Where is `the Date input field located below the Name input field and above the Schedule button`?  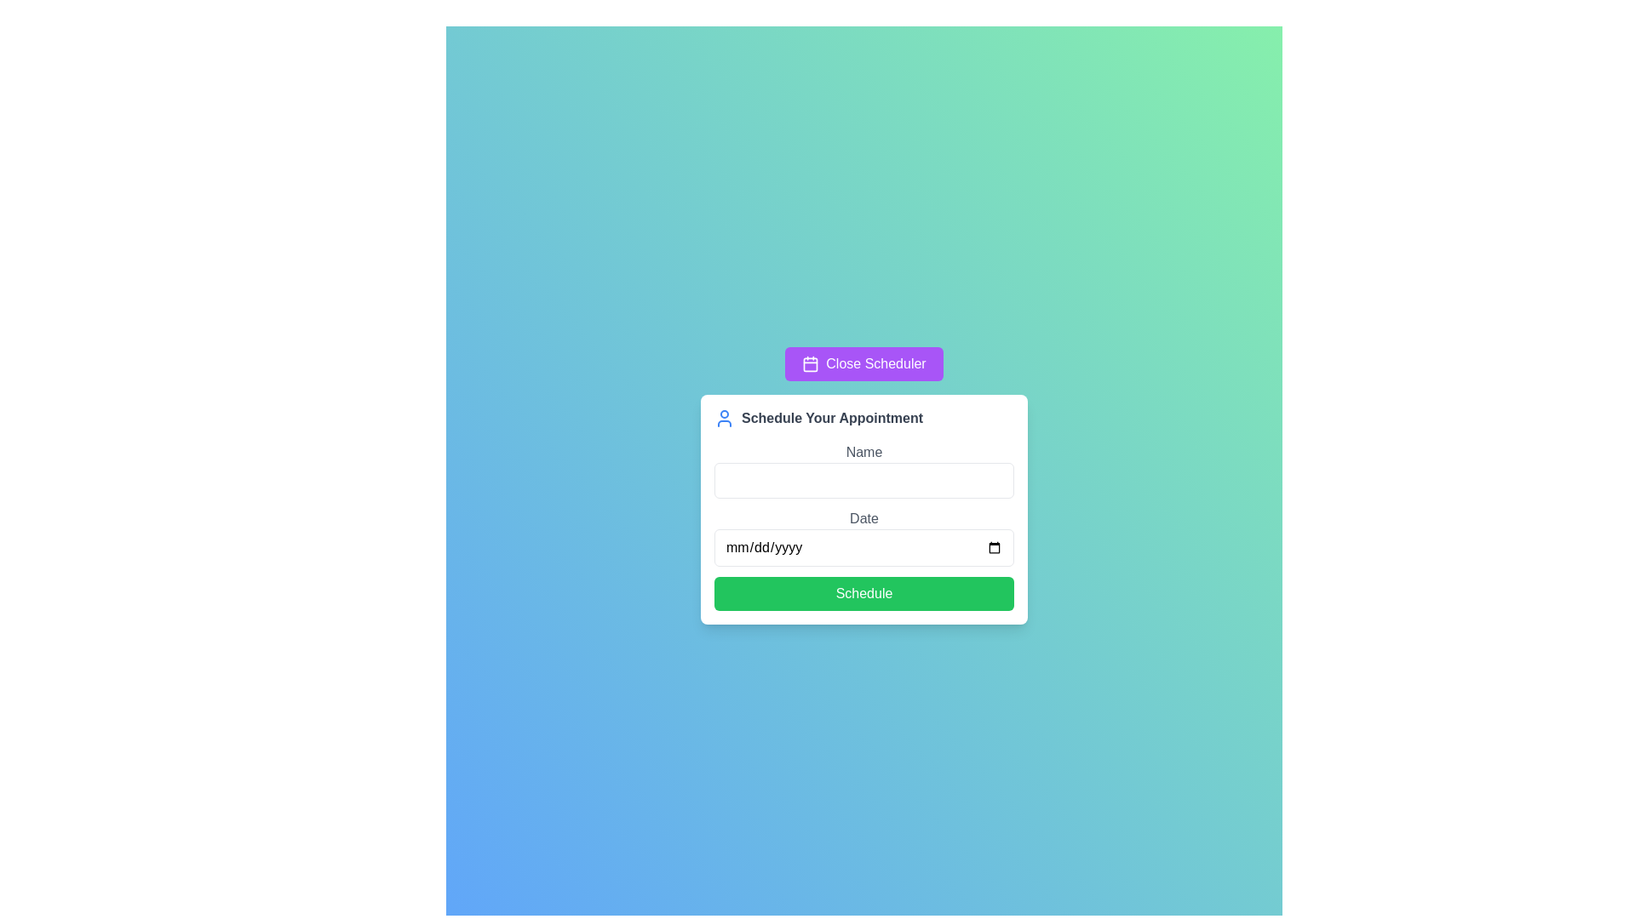
the Date input field located below the Name input field and above the Schedule button is located at coordinates (863, 538).